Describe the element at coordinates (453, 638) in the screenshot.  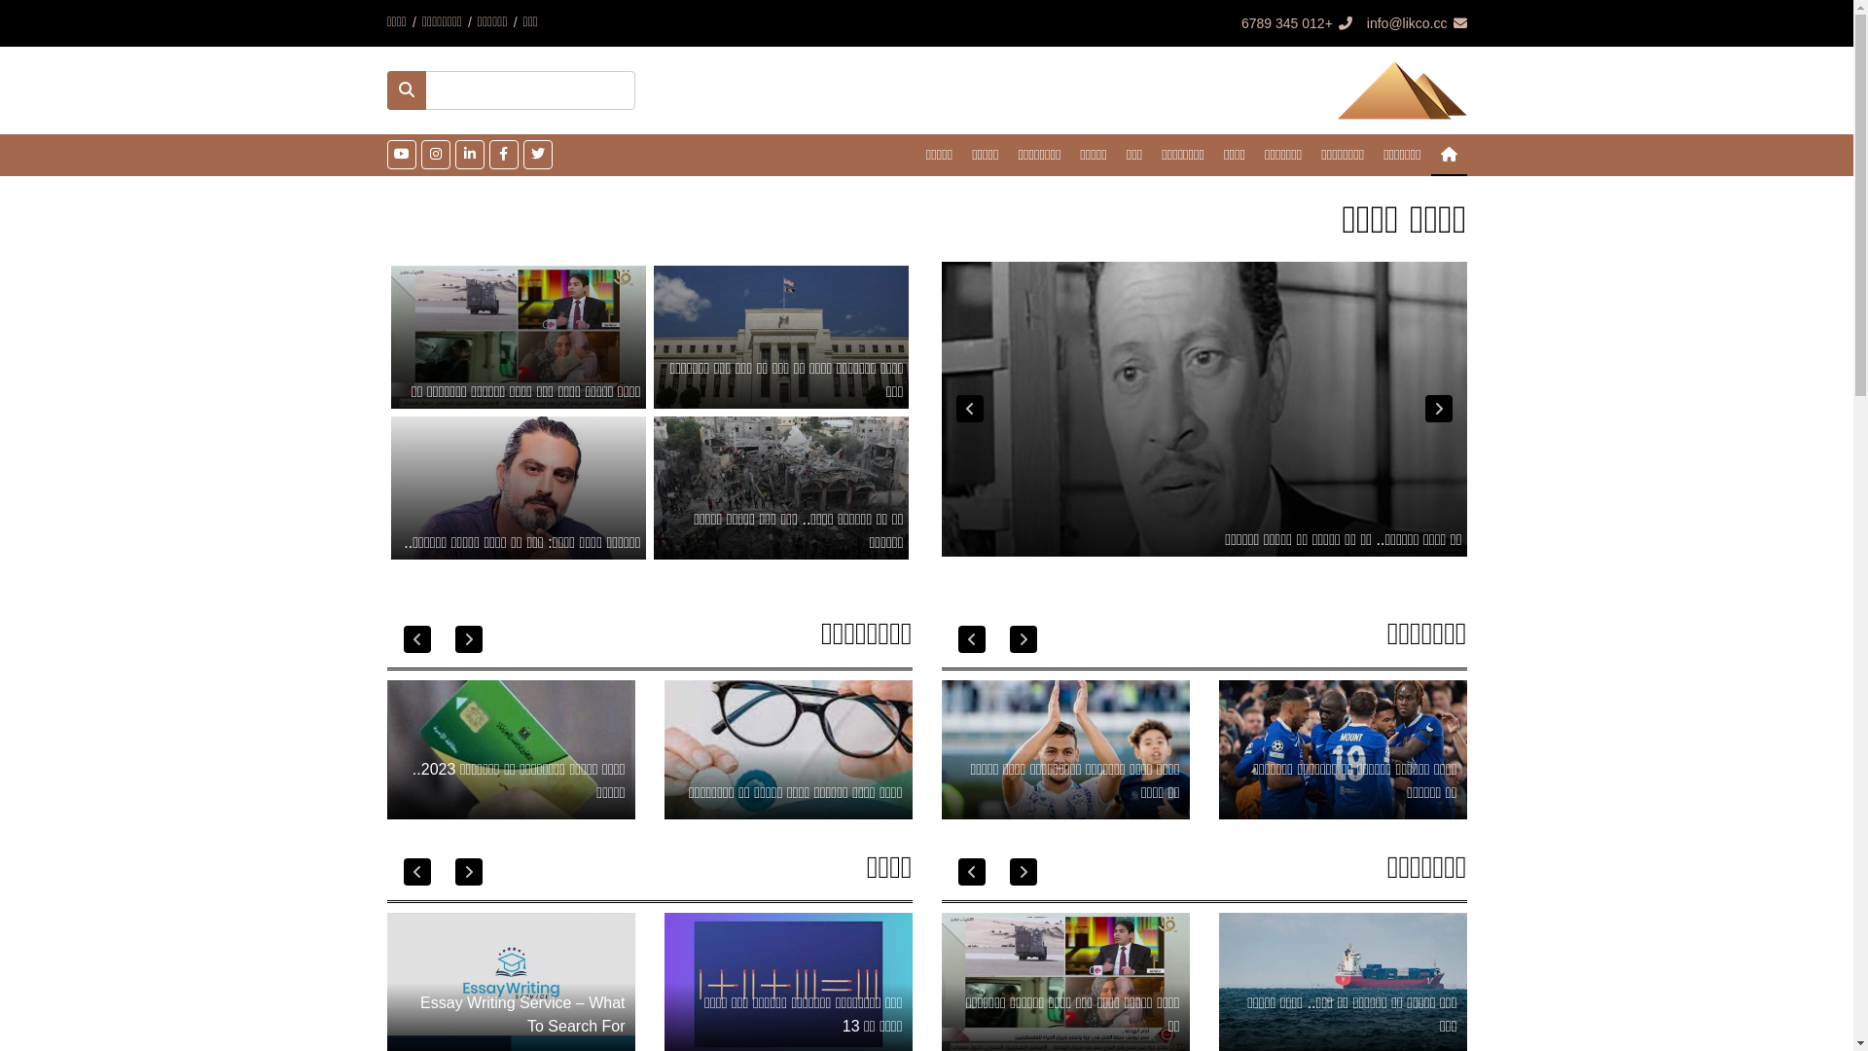
I see `'Next'` at that location.